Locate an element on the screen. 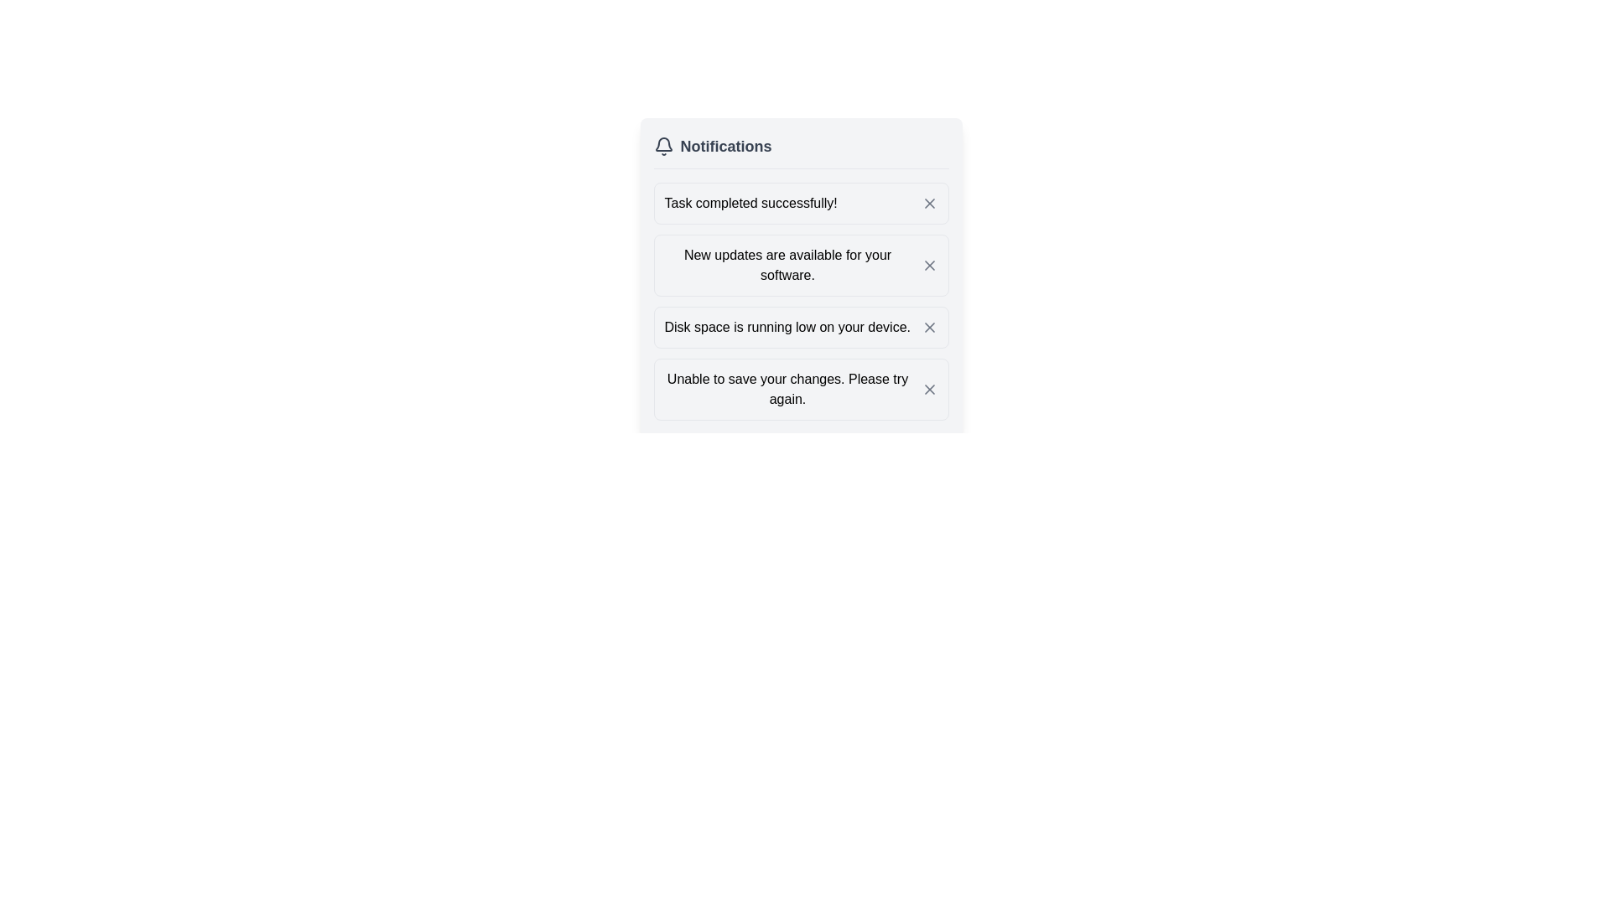  the Close button icon, which is a small gray 'X' button positioned to the far right of the notification panel, aligned with the text 'Task completed successfully!' is located at coordinates (928, 203).